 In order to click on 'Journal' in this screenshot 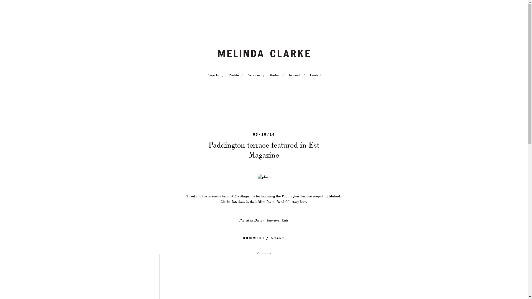, I will do `click(294, 75)`.